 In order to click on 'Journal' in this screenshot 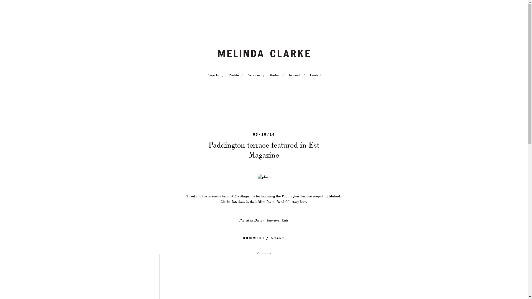, I will do `click(294, 75)`.